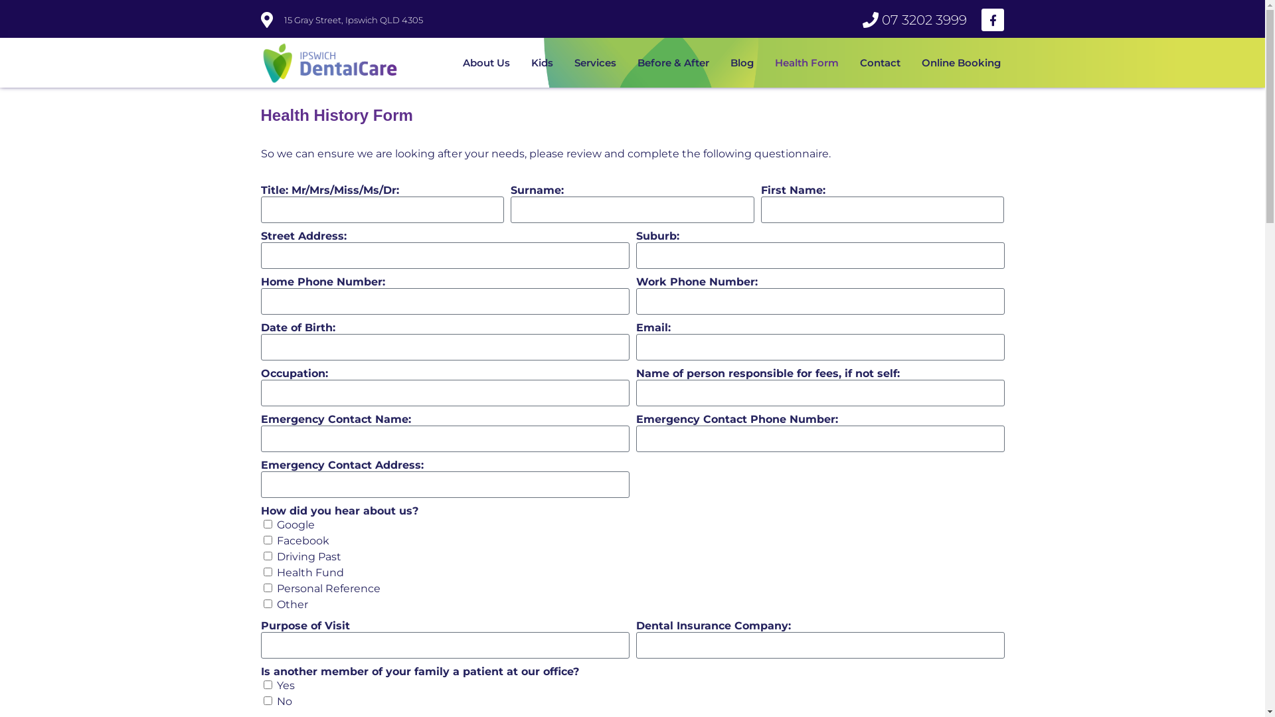 The width and height of the screenshot is (1275, 717). What do you see at coordinates (594, 63) in the screenshot?
I see `'Services'` at bounding box center [594, 63].